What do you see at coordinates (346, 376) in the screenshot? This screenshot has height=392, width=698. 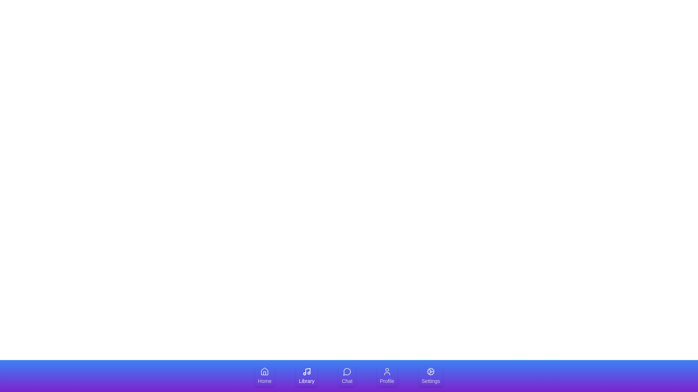 I see `the Chat tab to observe the hover effect` at bounding box center [346, 376].